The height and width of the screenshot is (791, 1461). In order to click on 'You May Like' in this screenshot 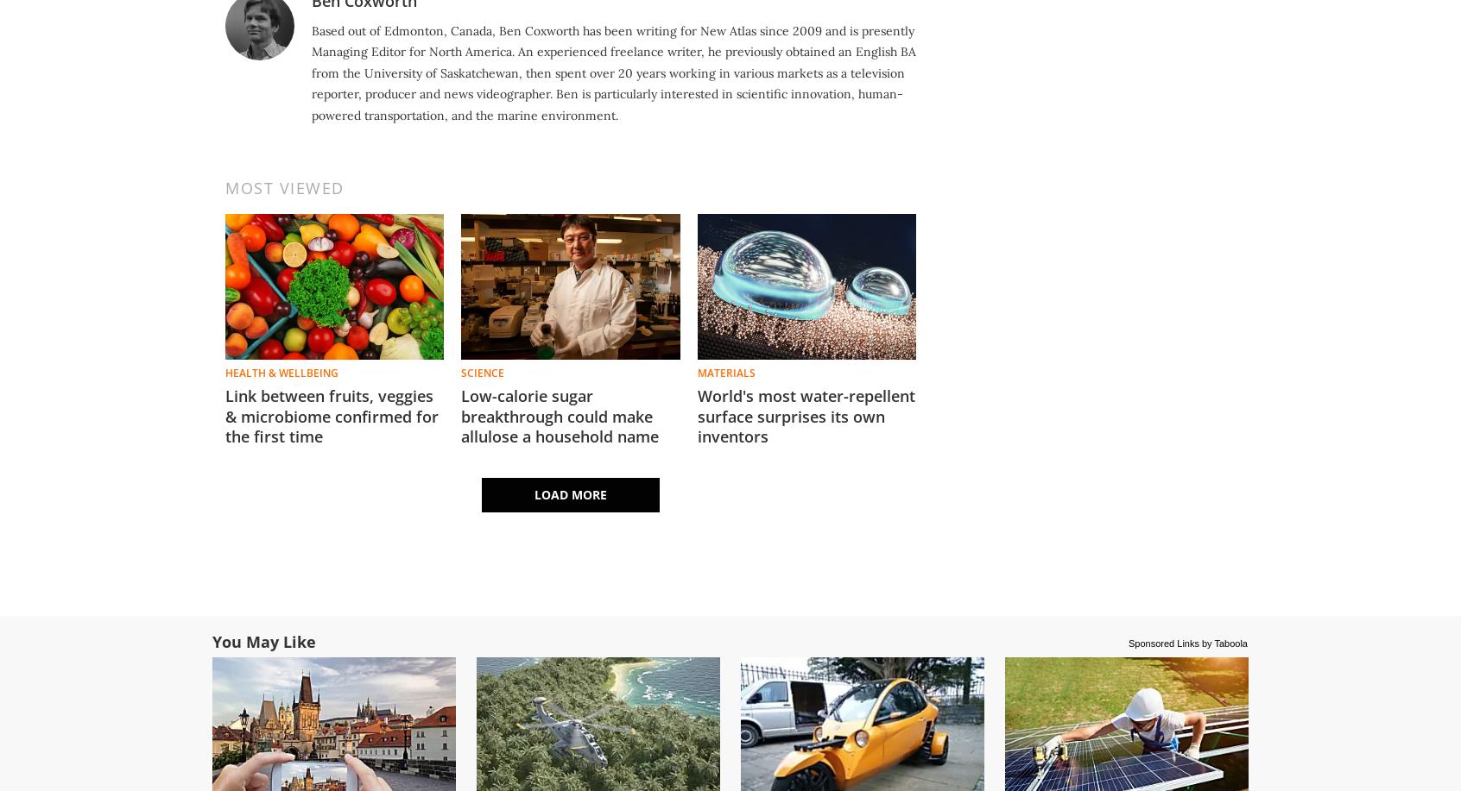, I will do `click(263, 640)`.